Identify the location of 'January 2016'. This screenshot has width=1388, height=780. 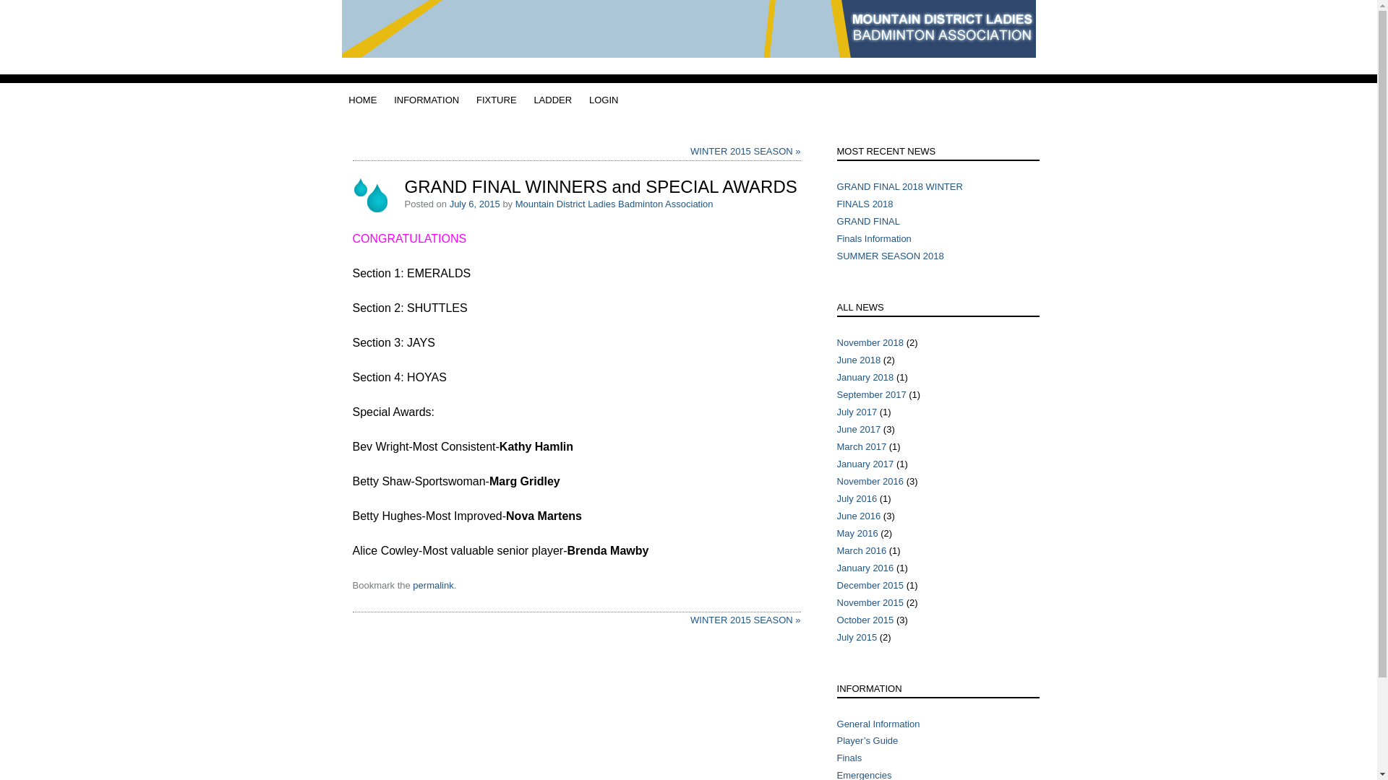
(865, 567).